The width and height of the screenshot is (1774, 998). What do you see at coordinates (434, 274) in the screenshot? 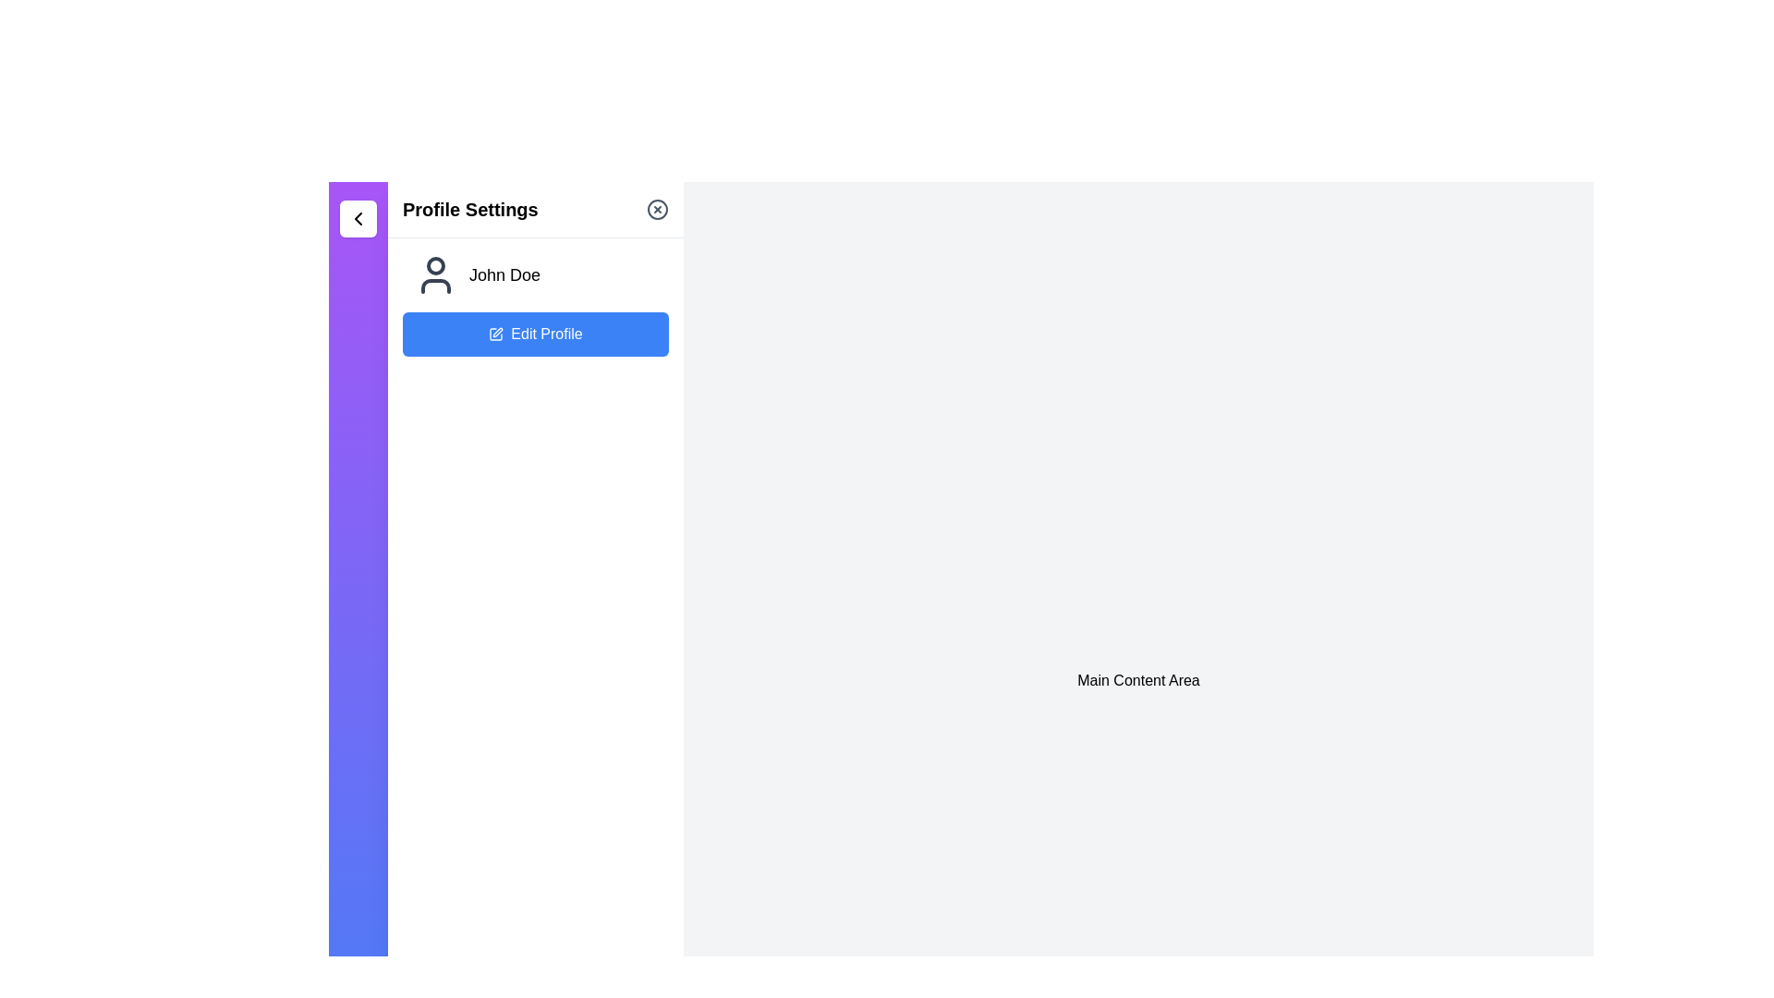
I see `the user profile icon, which is located directly below the 'Profile Settings' label and above the 'Edit Profile' button` at bounding box center [434, 274].